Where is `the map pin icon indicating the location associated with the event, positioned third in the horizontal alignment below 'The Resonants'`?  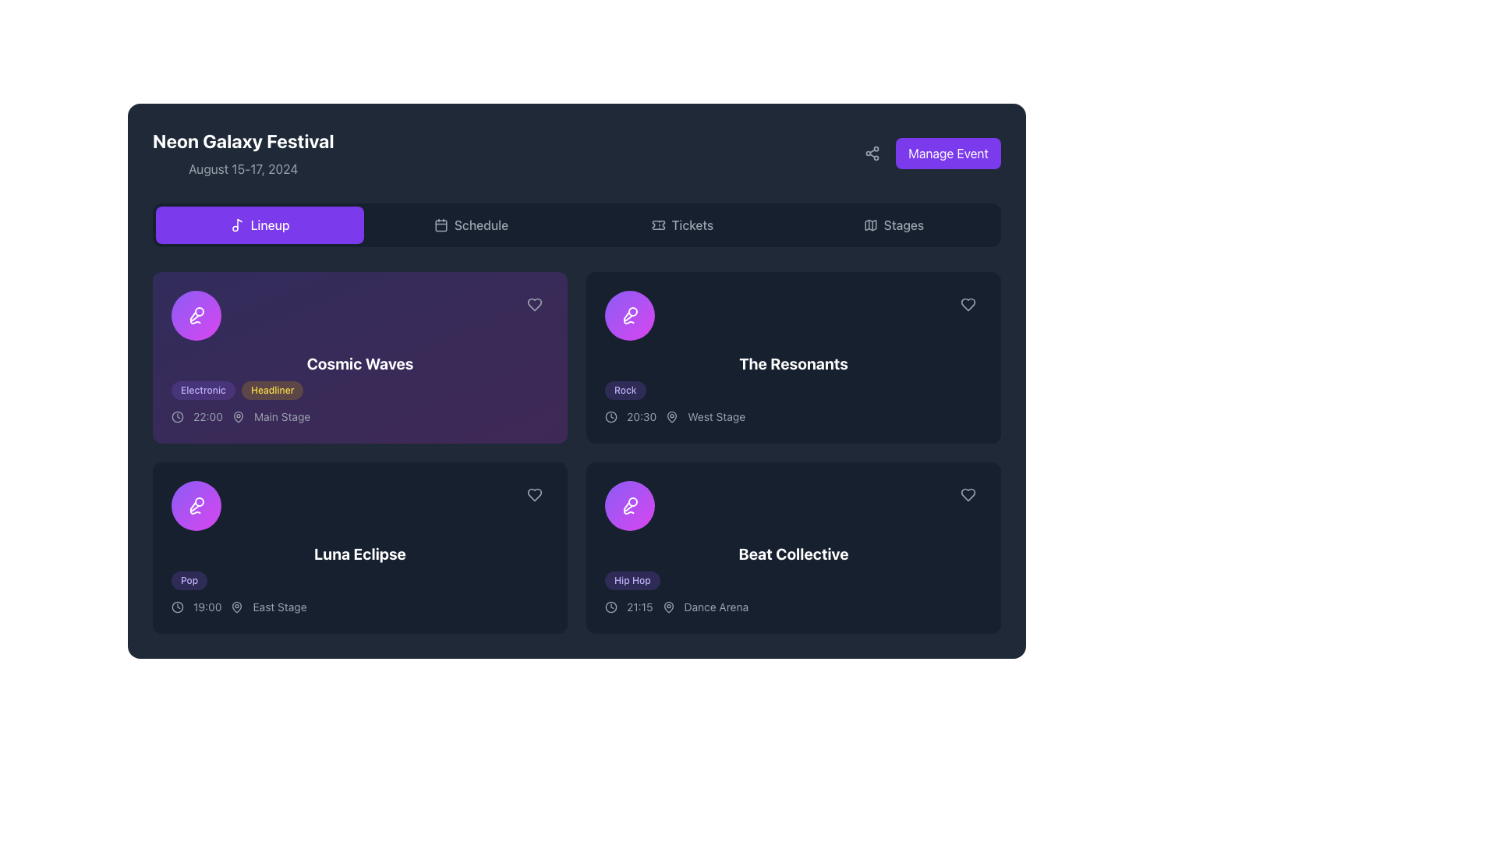 the map pin icon indicating the location associated with the event, positioned third in the horizontal alignment below 'The Resonants' is located at coordinates (672, 416).